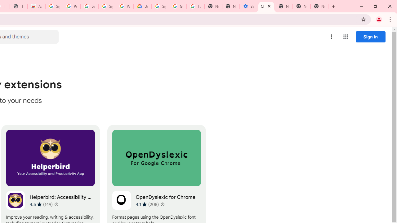  Describe the element at coordinates (248, 6) in the screenshot. I see `'Settings - Accessibility'` at that location.